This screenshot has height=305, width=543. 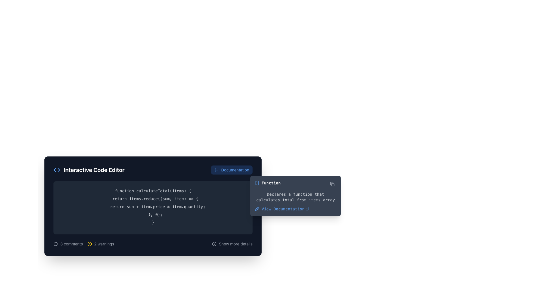 What do you see at coordinates (216, 169) in the screenshot?
I see `the 'Documentation' button which contains a documentation icon on its left side` at bounding box center [216, 169].